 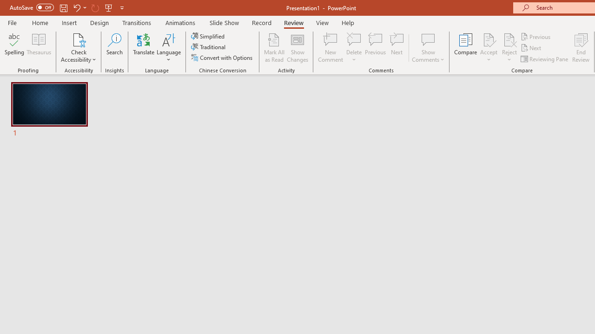 What do you see at coordinates (169, 48) in the screenshot?
I see `'Language'` at bounding box center [169, 48].